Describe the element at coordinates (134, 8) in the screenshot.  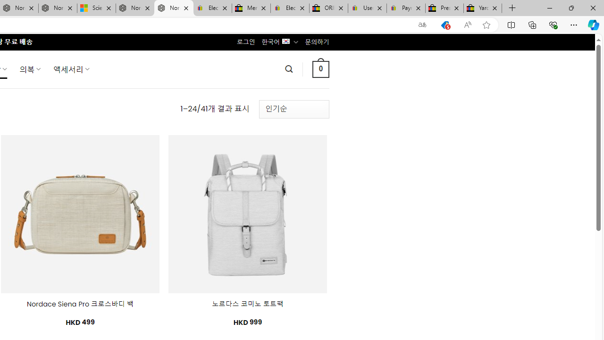
I see `'Nordace - Summer Adventures 2024'` at that location.